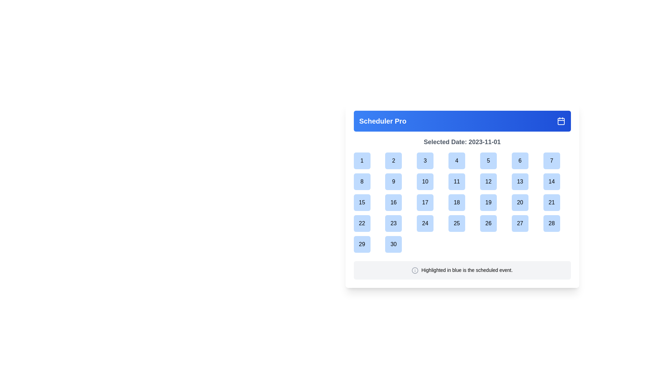 The width and height of the screenshot is (668, 376). I want to click on the tooltip that provides additional context for the calendar cell labeled '15', indicating no event is associated with this date, so click(368, 217).